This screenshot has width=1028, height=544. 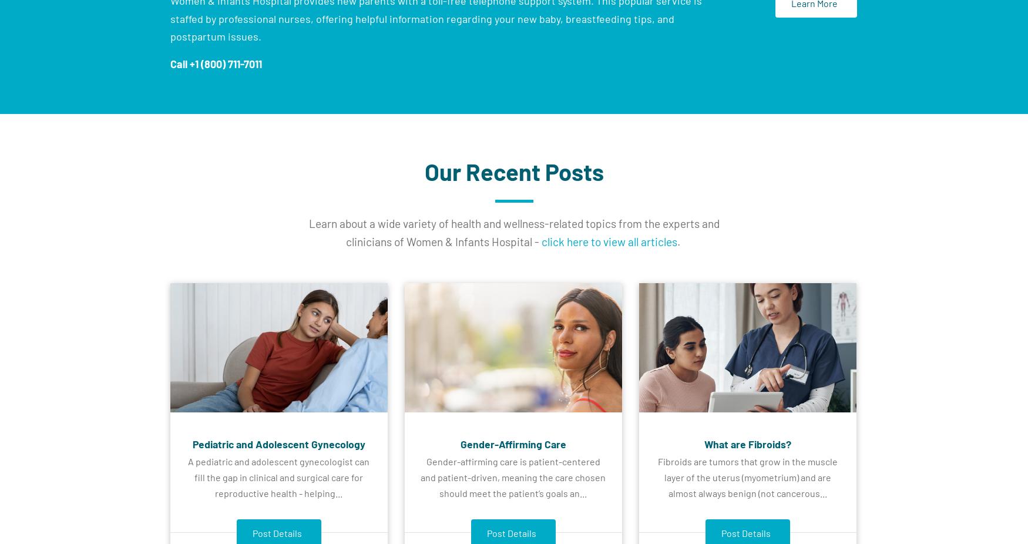 I want to click on '.', so click(x=678, y=241).